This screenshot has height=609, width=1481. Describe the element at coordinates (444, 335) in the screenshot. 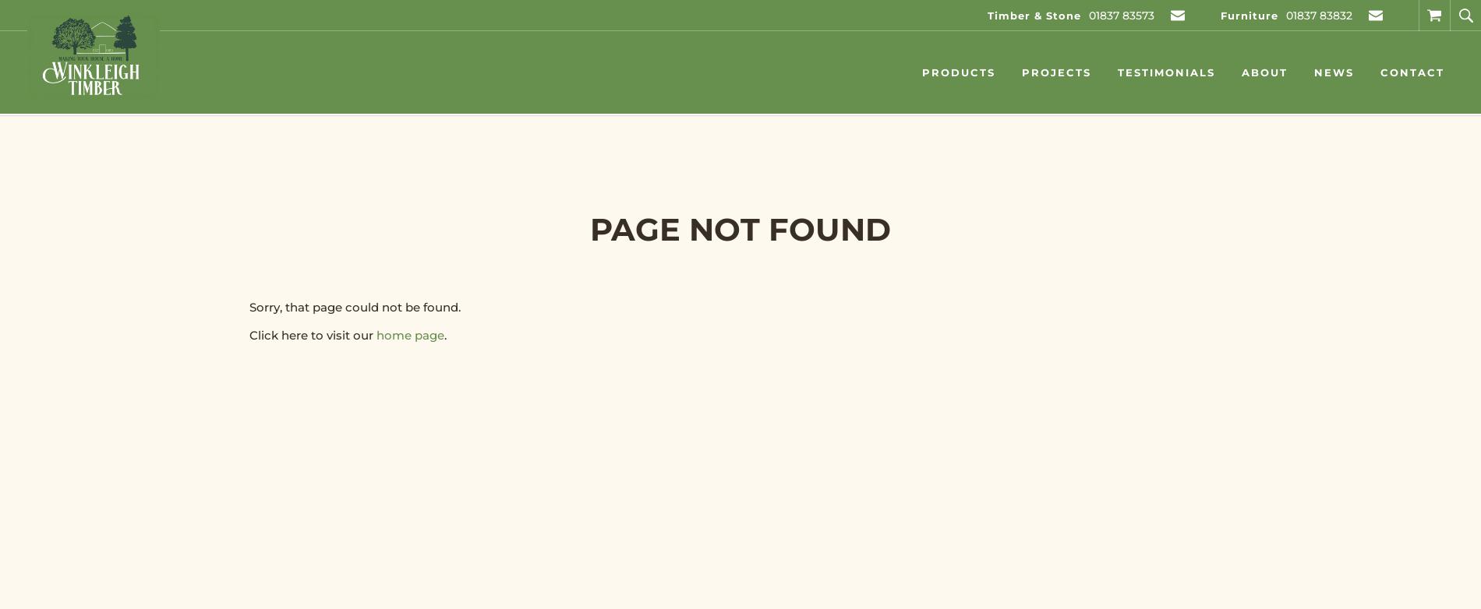

I see `'.'` at that location.